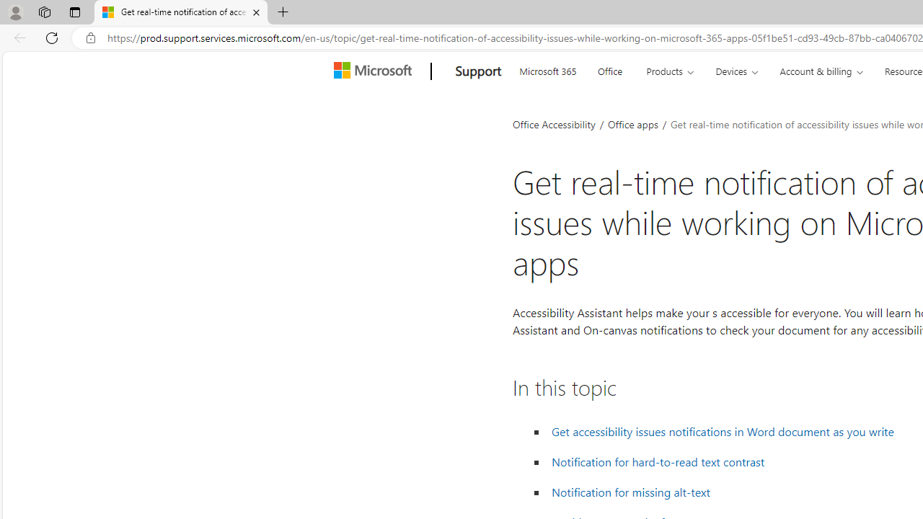 The height and width of the screenshot is (519, 923). What do you see at coordinates (90, 37) in the screenshot?
I see `'View site information'` at bounding box center [90, 37].